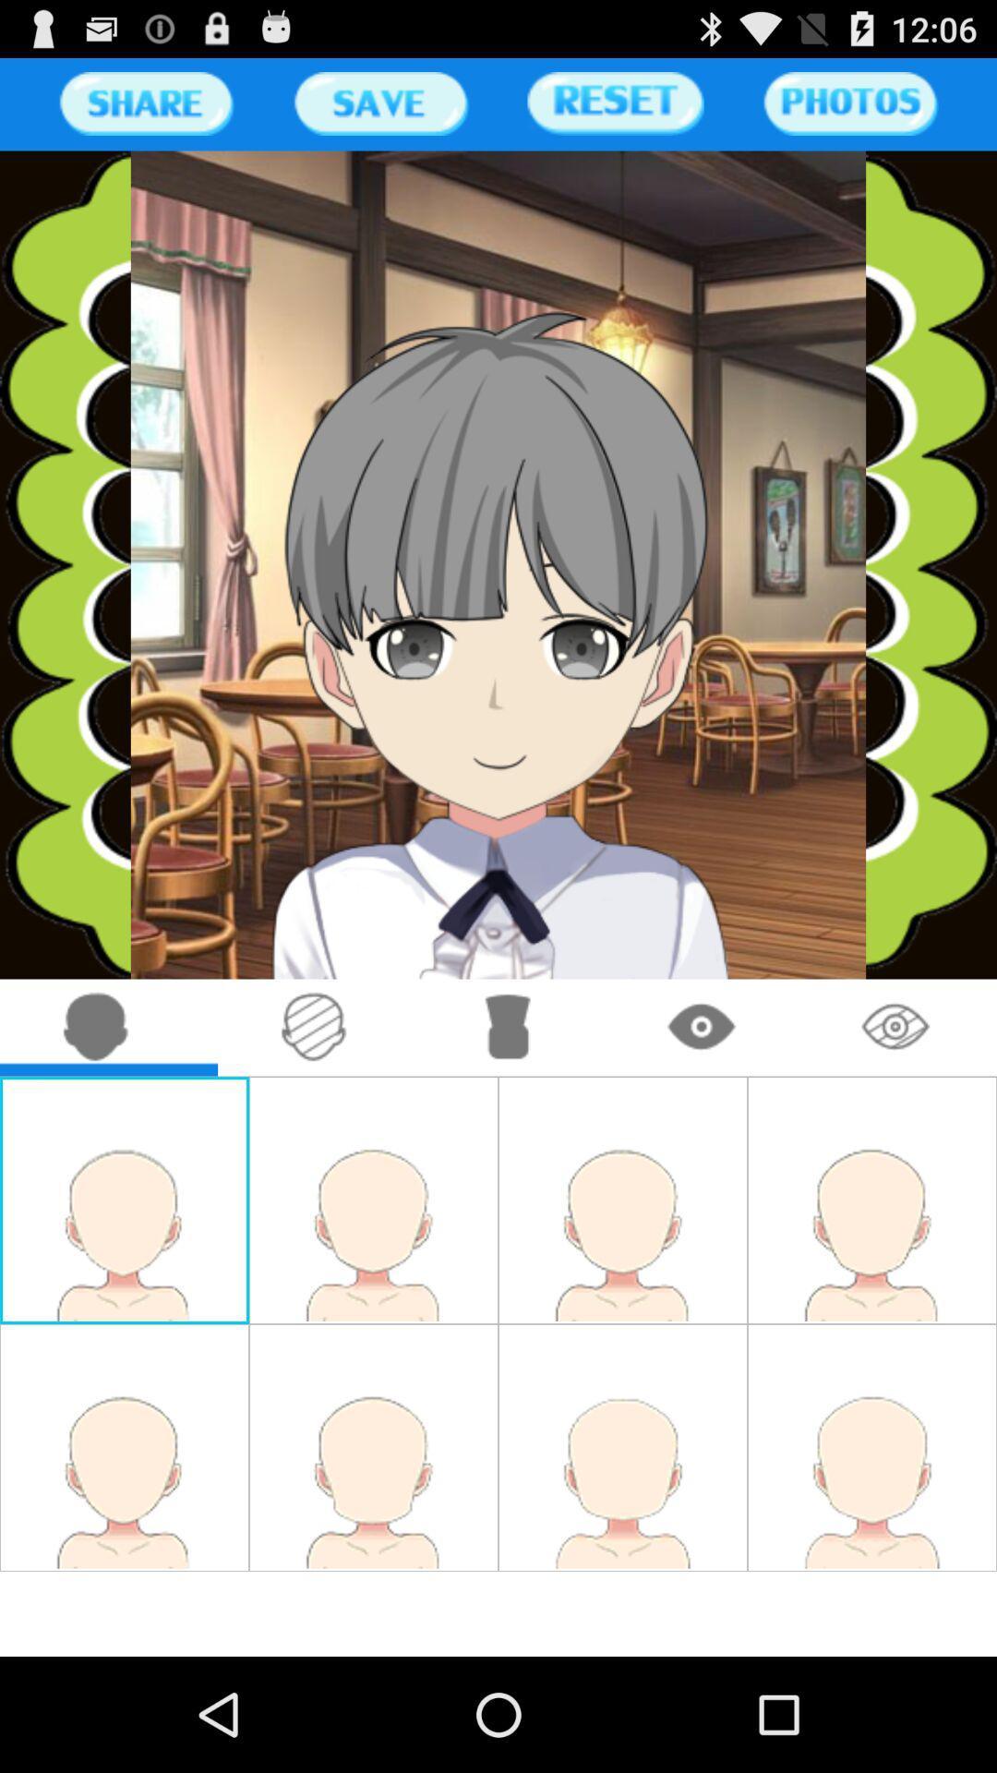 This screenshot has width=997, height=1773. Describe the element at coordinates (379, 103) in the screenshot. I see `using the file` at that location.